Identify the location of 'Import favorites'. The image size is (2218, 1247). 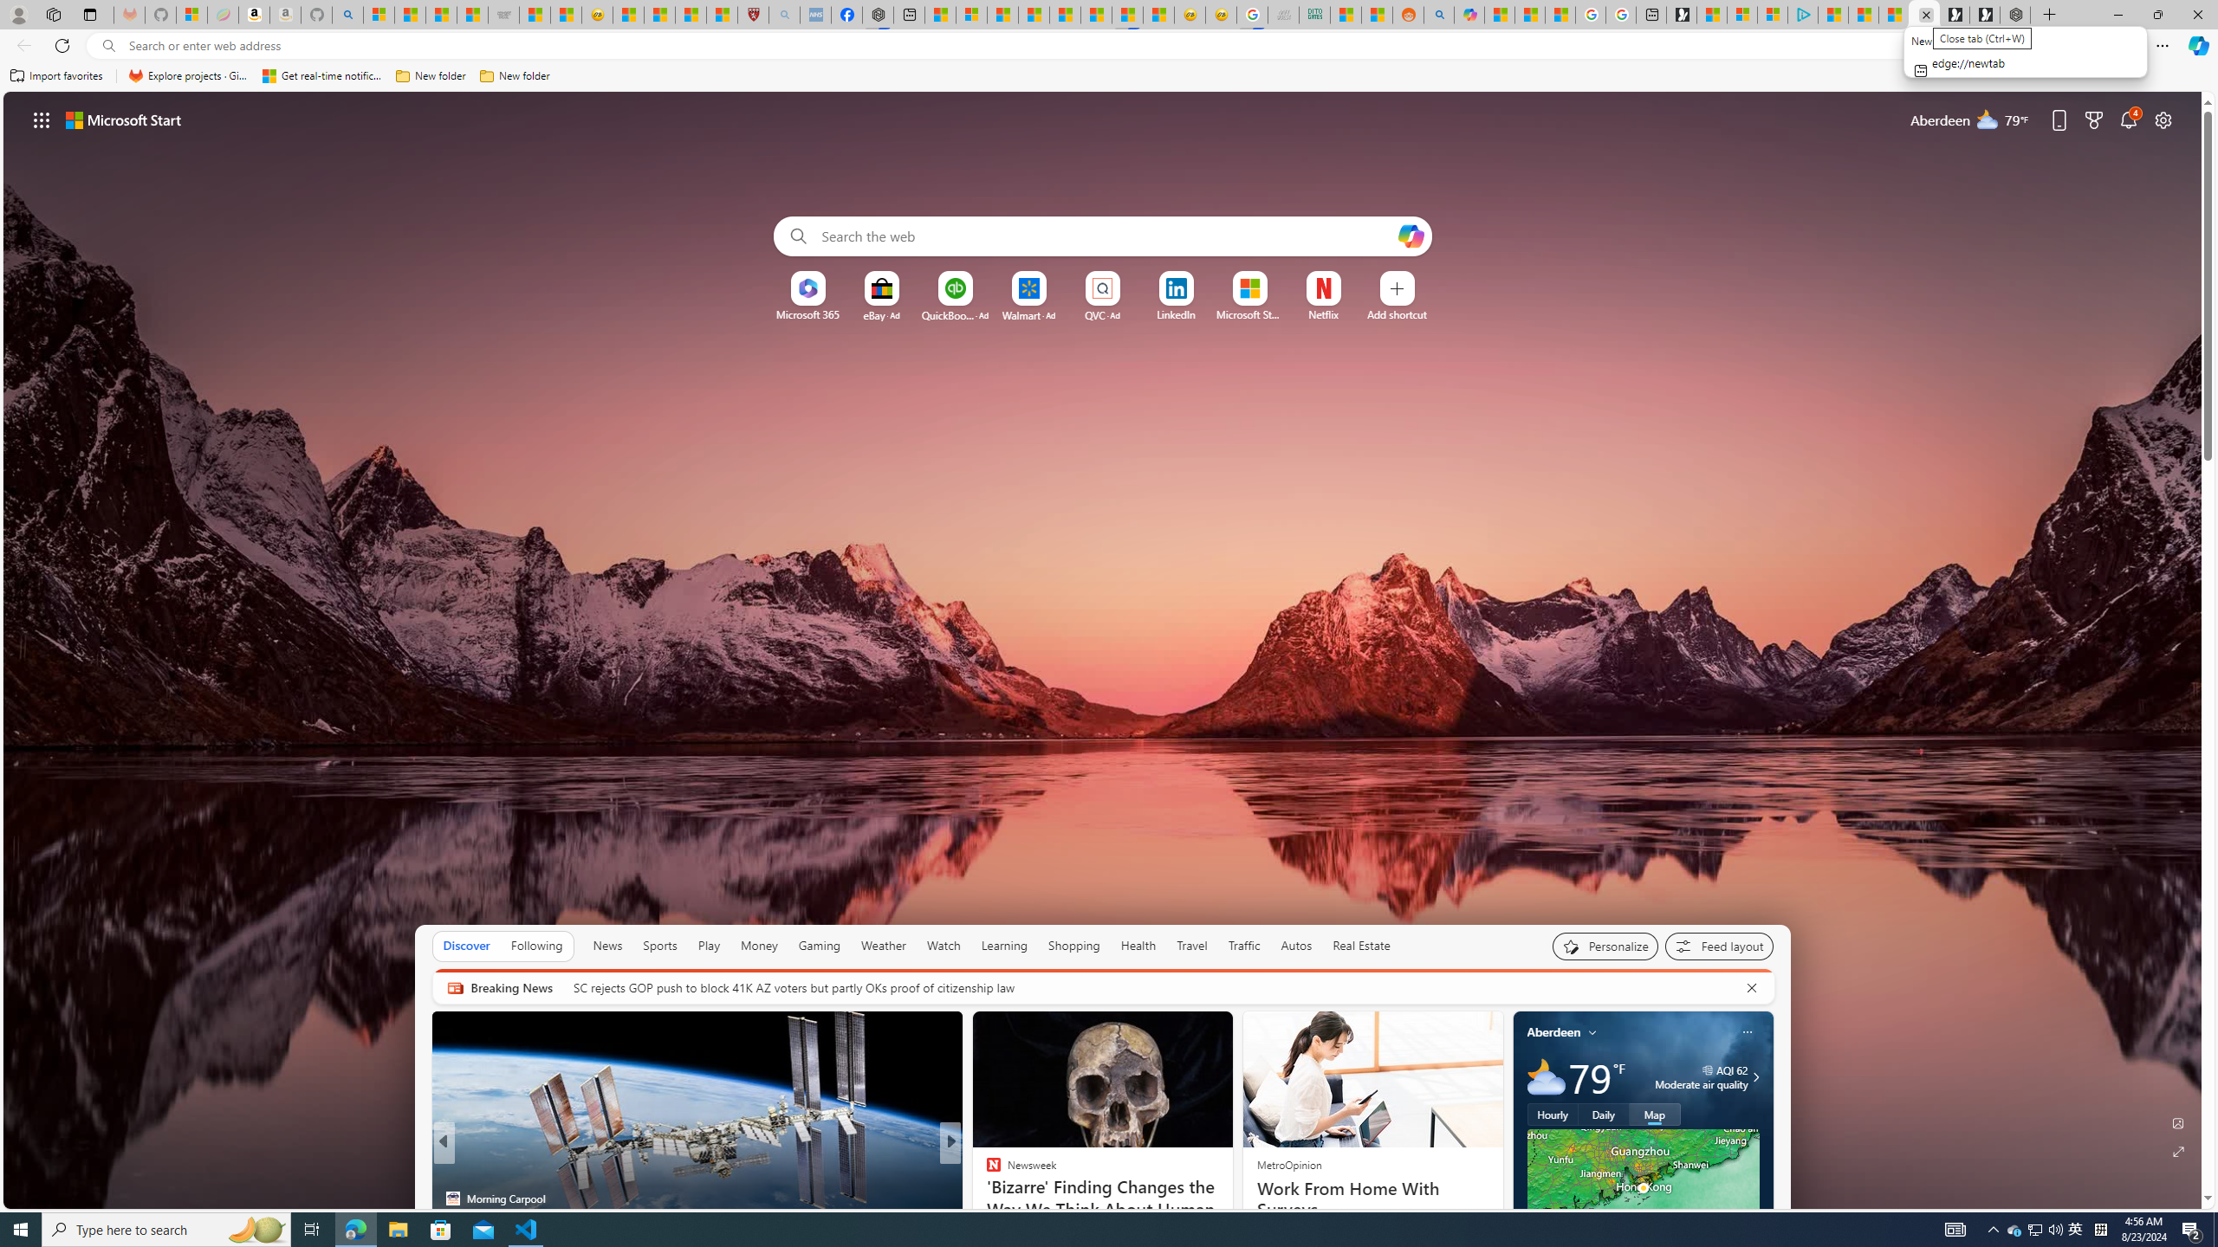
(56, 75).